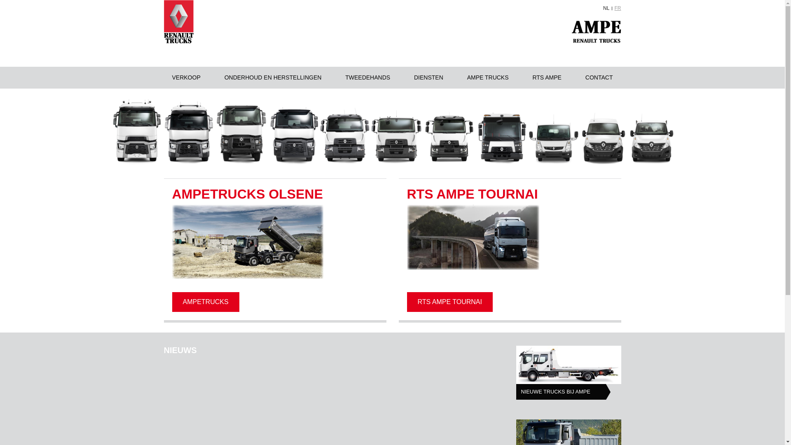 Image resolution: width=791 pixels, height=445 pixels. I want to click on 'FR', so click(615, 8).